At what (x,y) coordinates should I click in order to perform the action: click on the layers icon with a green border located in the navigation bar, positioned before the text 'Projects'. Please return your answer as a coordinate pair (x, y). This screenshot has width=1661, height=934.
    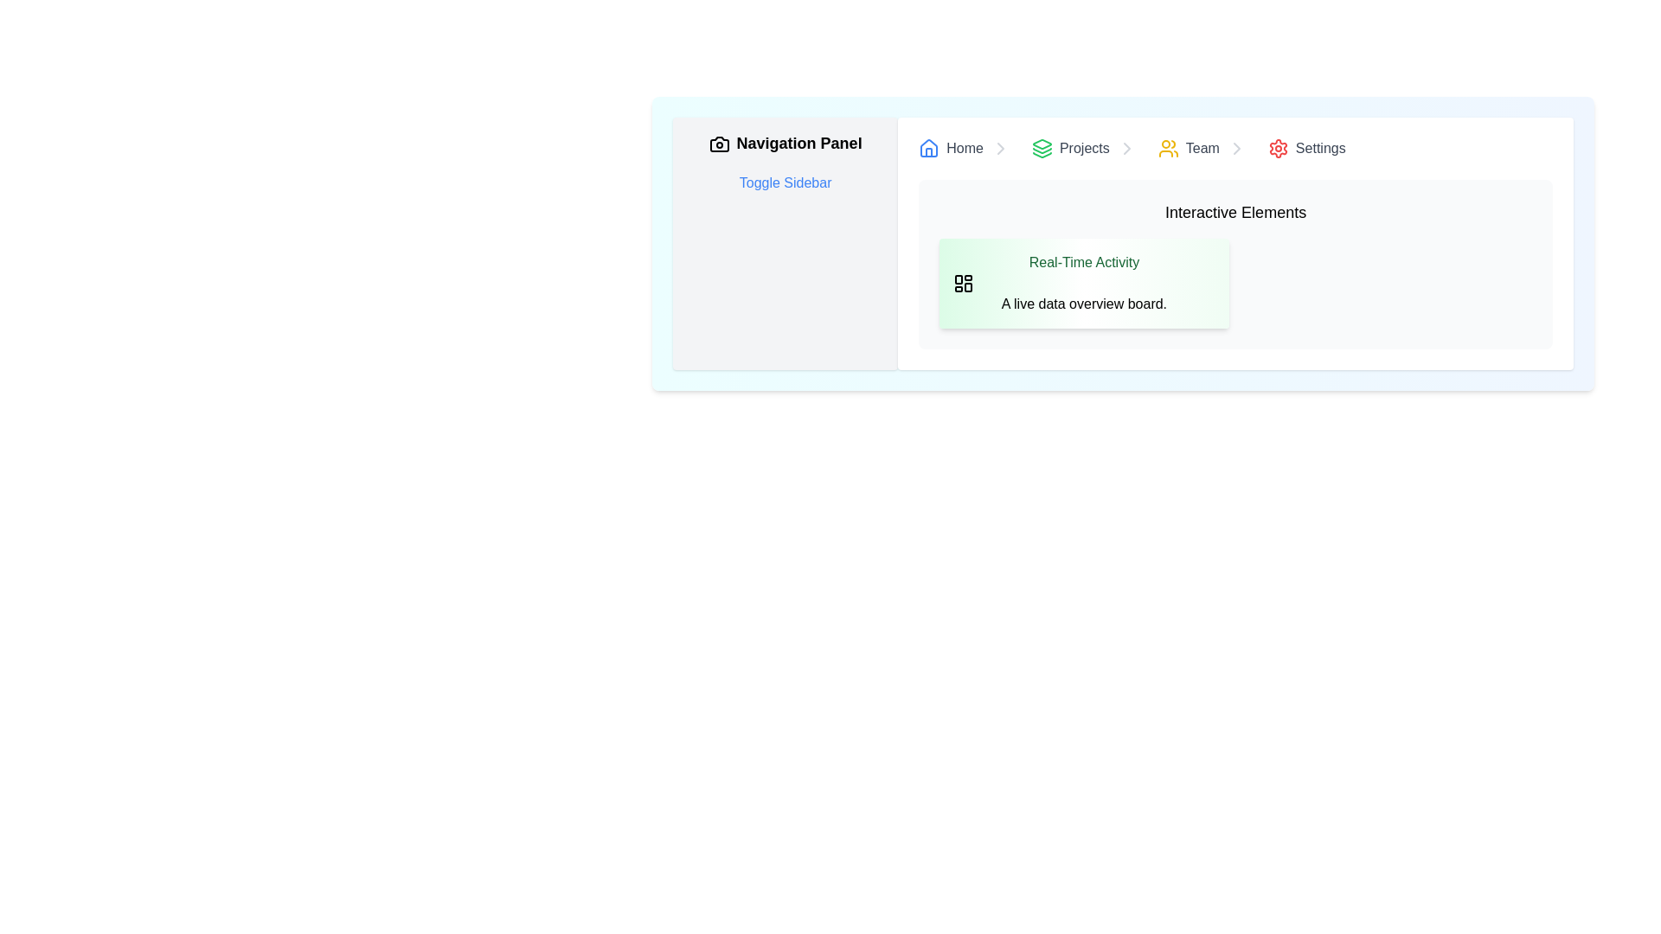
    Looking at the image, I should click on (1041, 148).